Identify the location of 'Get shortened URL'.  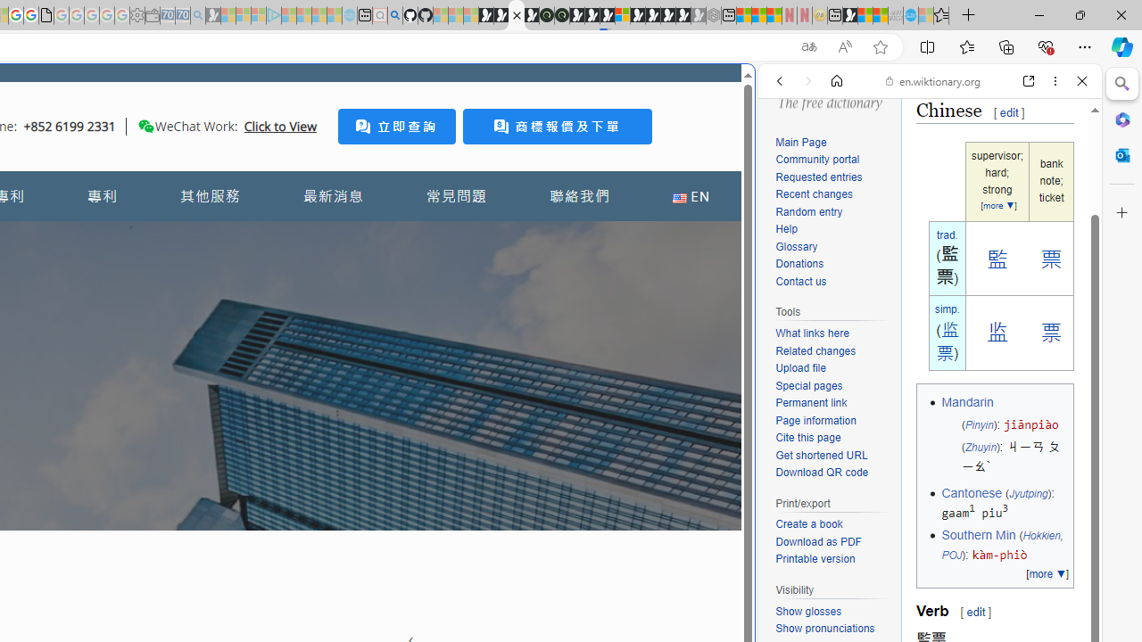
(820, 454).